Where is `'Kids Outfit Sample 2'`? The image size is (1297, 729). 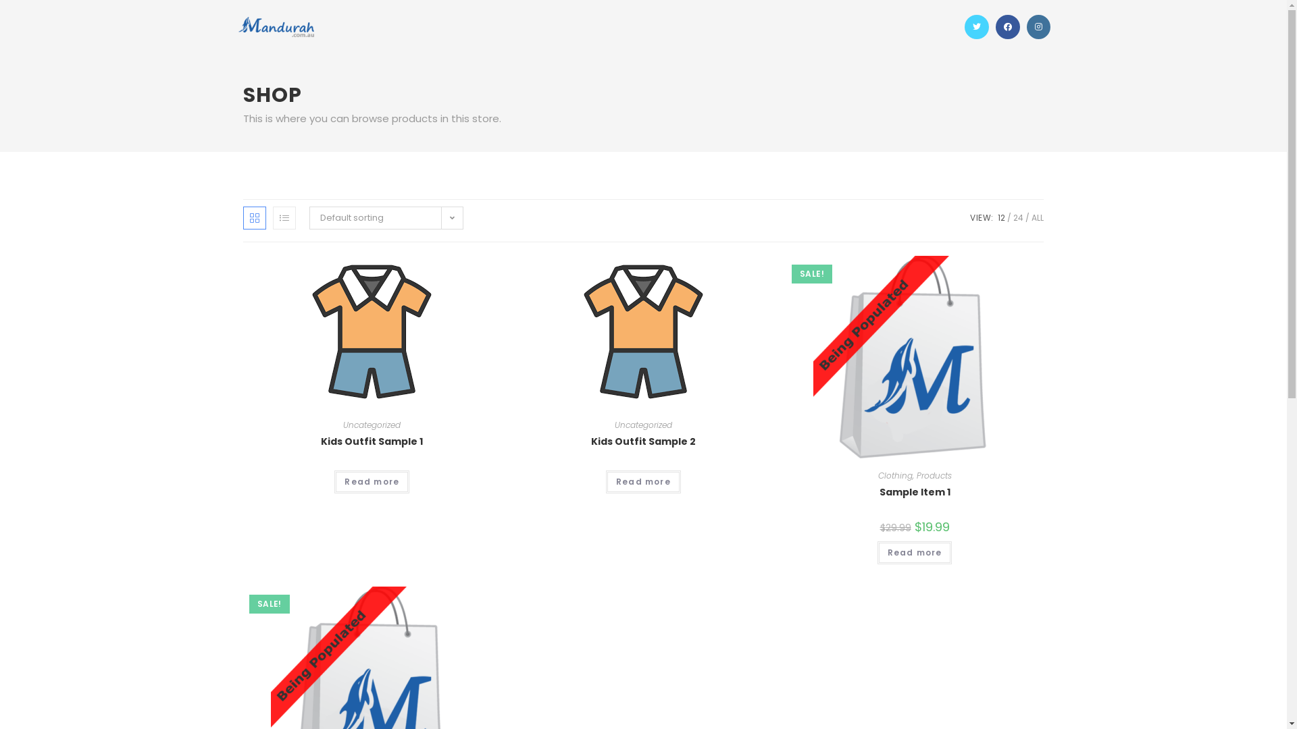 'Kids Outfit Sample 2' is located at coordinates (642, 441).